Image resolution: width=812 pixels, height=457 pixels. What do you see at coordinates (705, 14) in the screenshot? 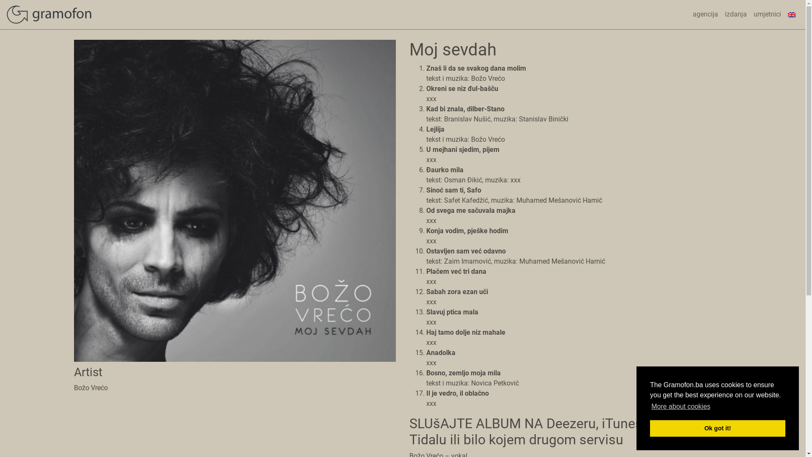
I see `'agencija'` at bounding box center [705, 14].